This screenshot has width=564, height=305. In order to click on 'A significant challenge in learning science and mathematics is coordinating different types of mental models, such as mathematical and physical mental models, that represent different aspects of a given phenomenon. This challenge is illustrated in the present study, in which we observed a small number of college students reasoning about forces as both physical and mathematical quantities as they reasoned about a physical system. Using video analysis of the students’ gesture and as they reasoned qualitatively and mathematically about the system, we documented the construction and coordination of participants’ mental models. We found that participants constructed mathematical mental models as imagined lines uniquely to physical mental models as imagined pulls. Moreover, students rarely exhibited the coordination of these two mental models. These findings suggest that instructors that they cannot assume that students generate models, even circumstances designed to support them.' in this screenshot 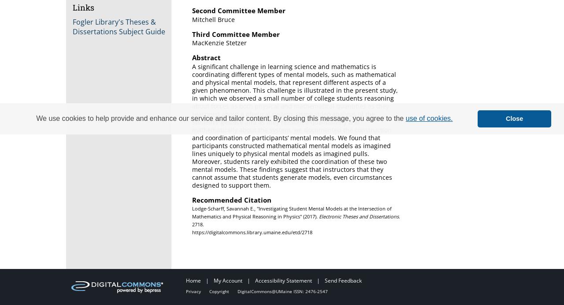, I will do `click(295, 125)`.